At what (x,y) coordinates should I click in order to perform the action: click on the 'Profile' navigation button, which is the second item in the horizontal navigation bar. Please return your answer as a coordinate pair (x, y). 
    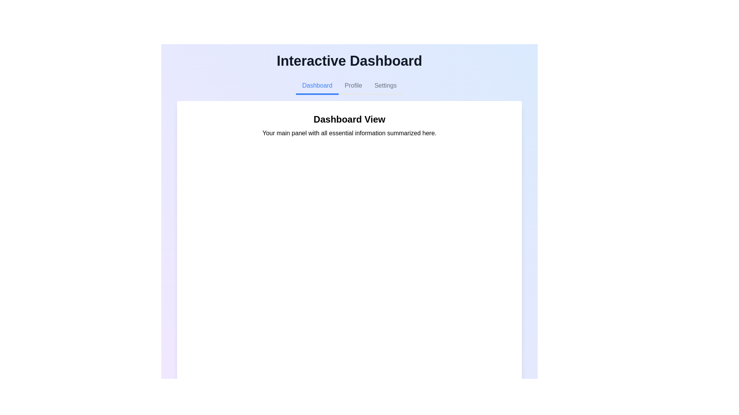
    Looking at the image, I should click on (353, 86).